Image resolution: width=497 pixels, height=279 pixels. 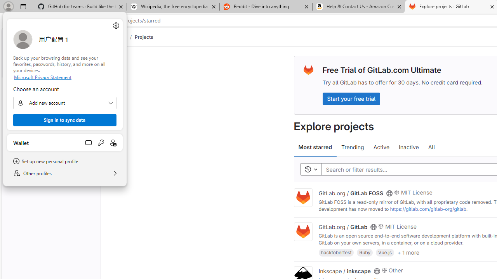 What do you see at coordinates (101, 142) in the screenshot?
I see `'Open passwords'` at bounding box center [101, 142].